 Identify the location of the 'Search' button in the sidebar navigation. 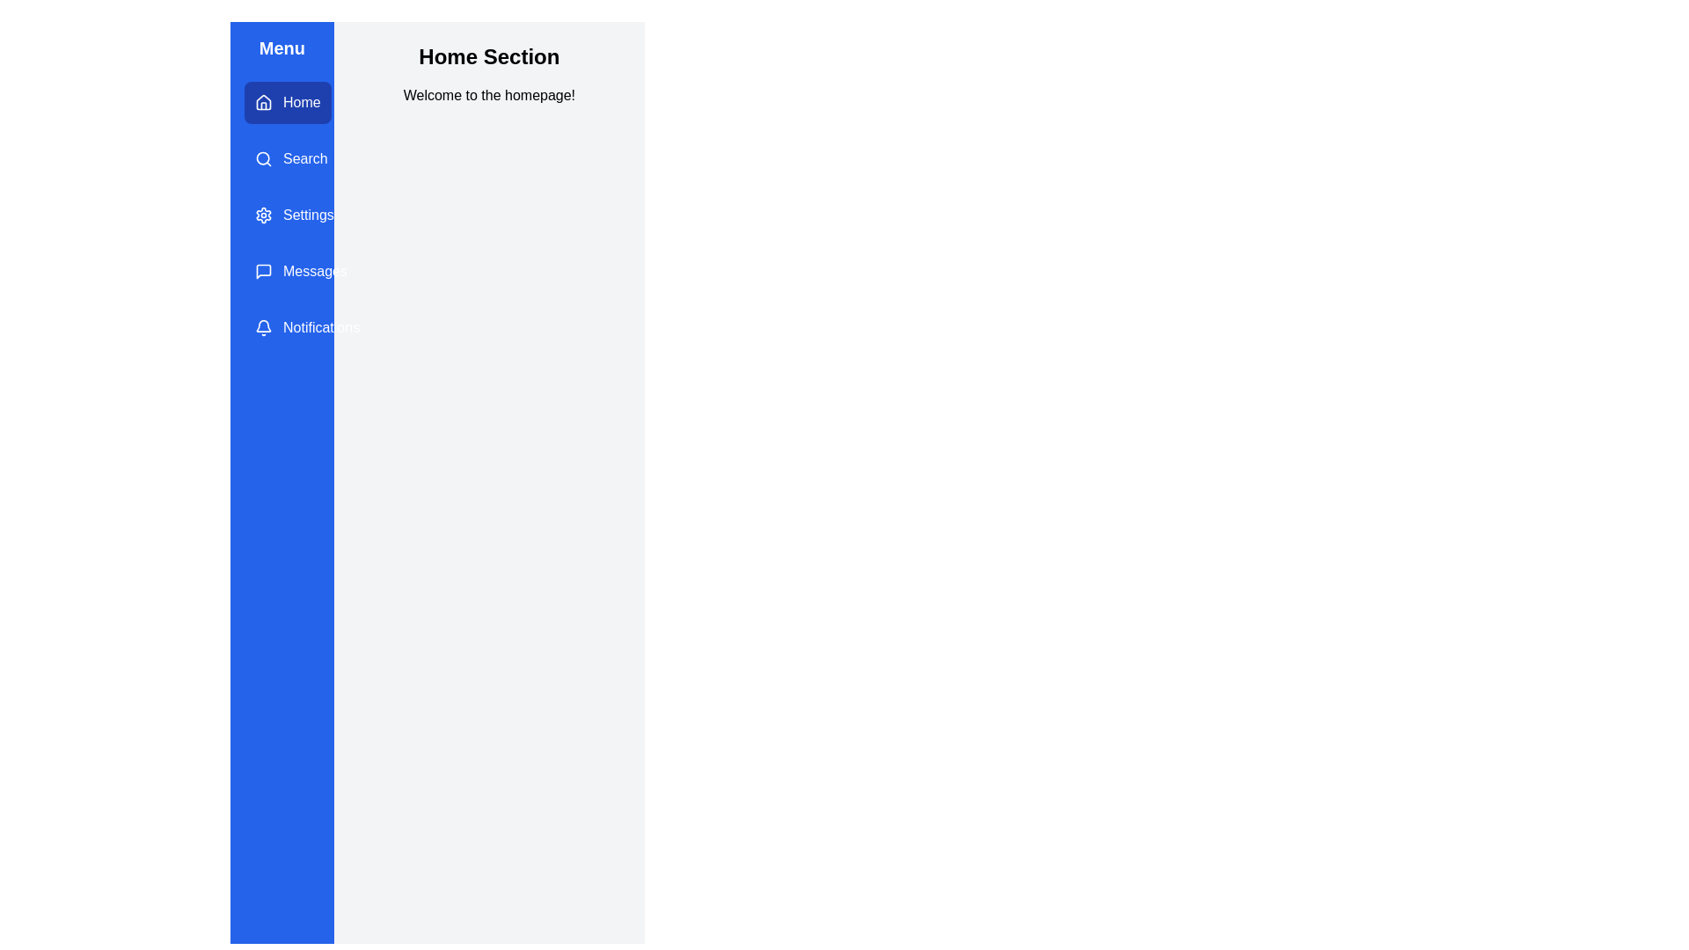
(291, 159).